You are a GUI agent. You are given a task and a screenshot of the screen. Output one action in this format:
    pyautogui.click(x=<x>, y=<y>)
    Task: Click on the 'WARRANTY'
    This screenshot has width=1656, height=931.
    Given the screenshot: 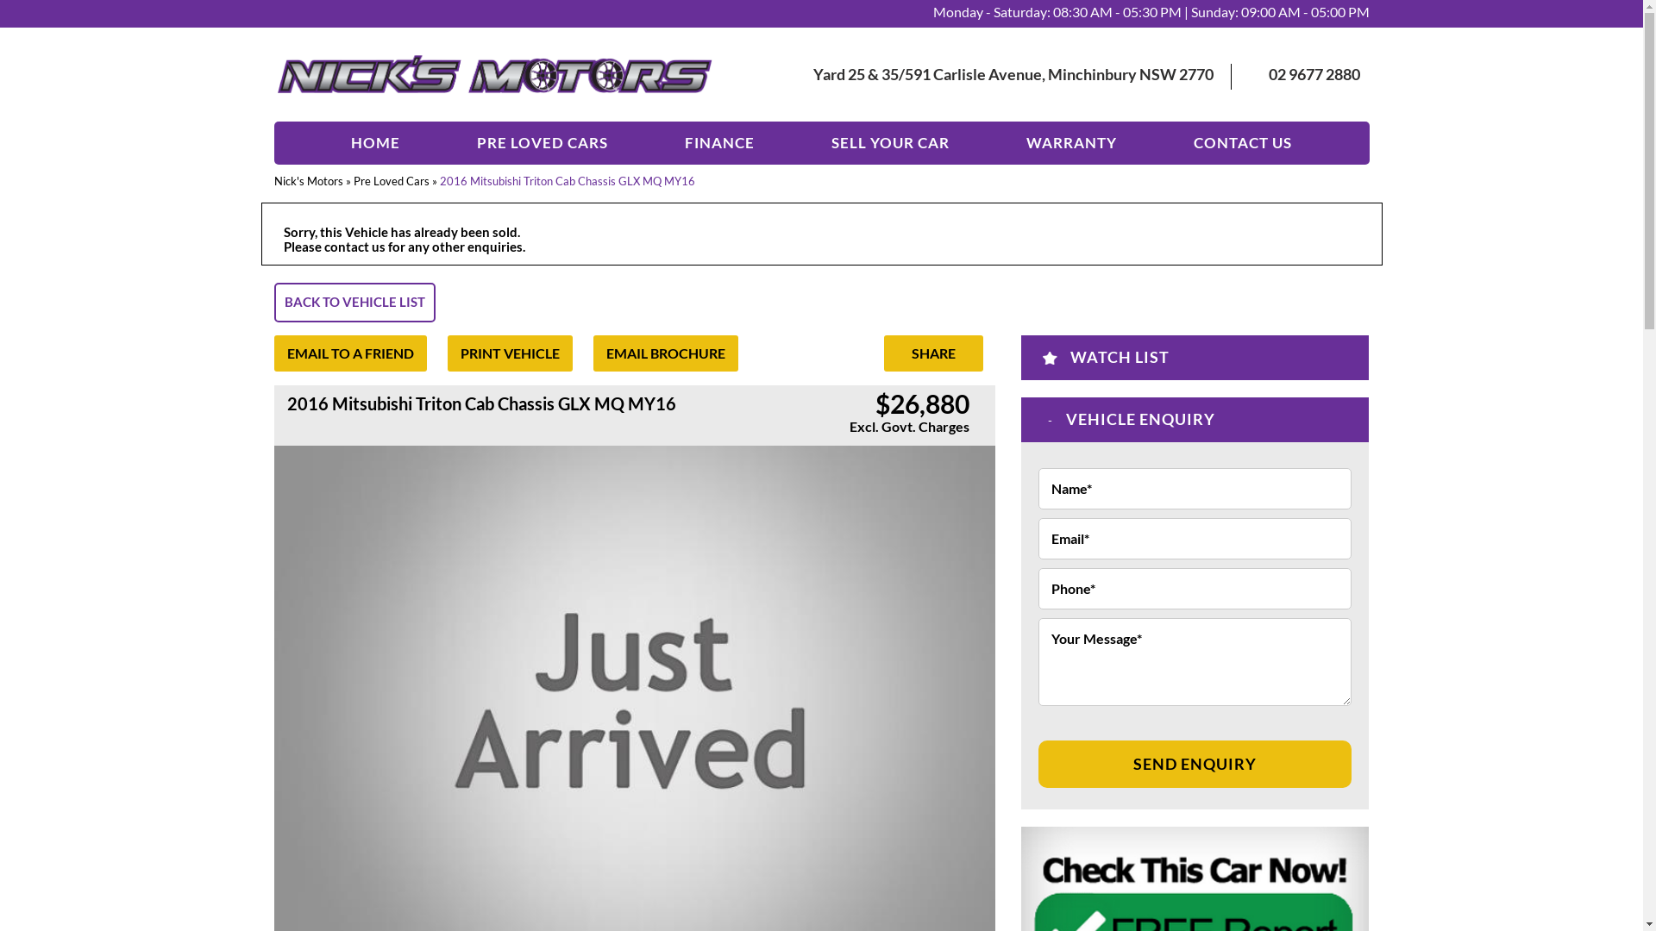 What is the action you would take?
    pyautogui.click(x=1070, y=141)
    